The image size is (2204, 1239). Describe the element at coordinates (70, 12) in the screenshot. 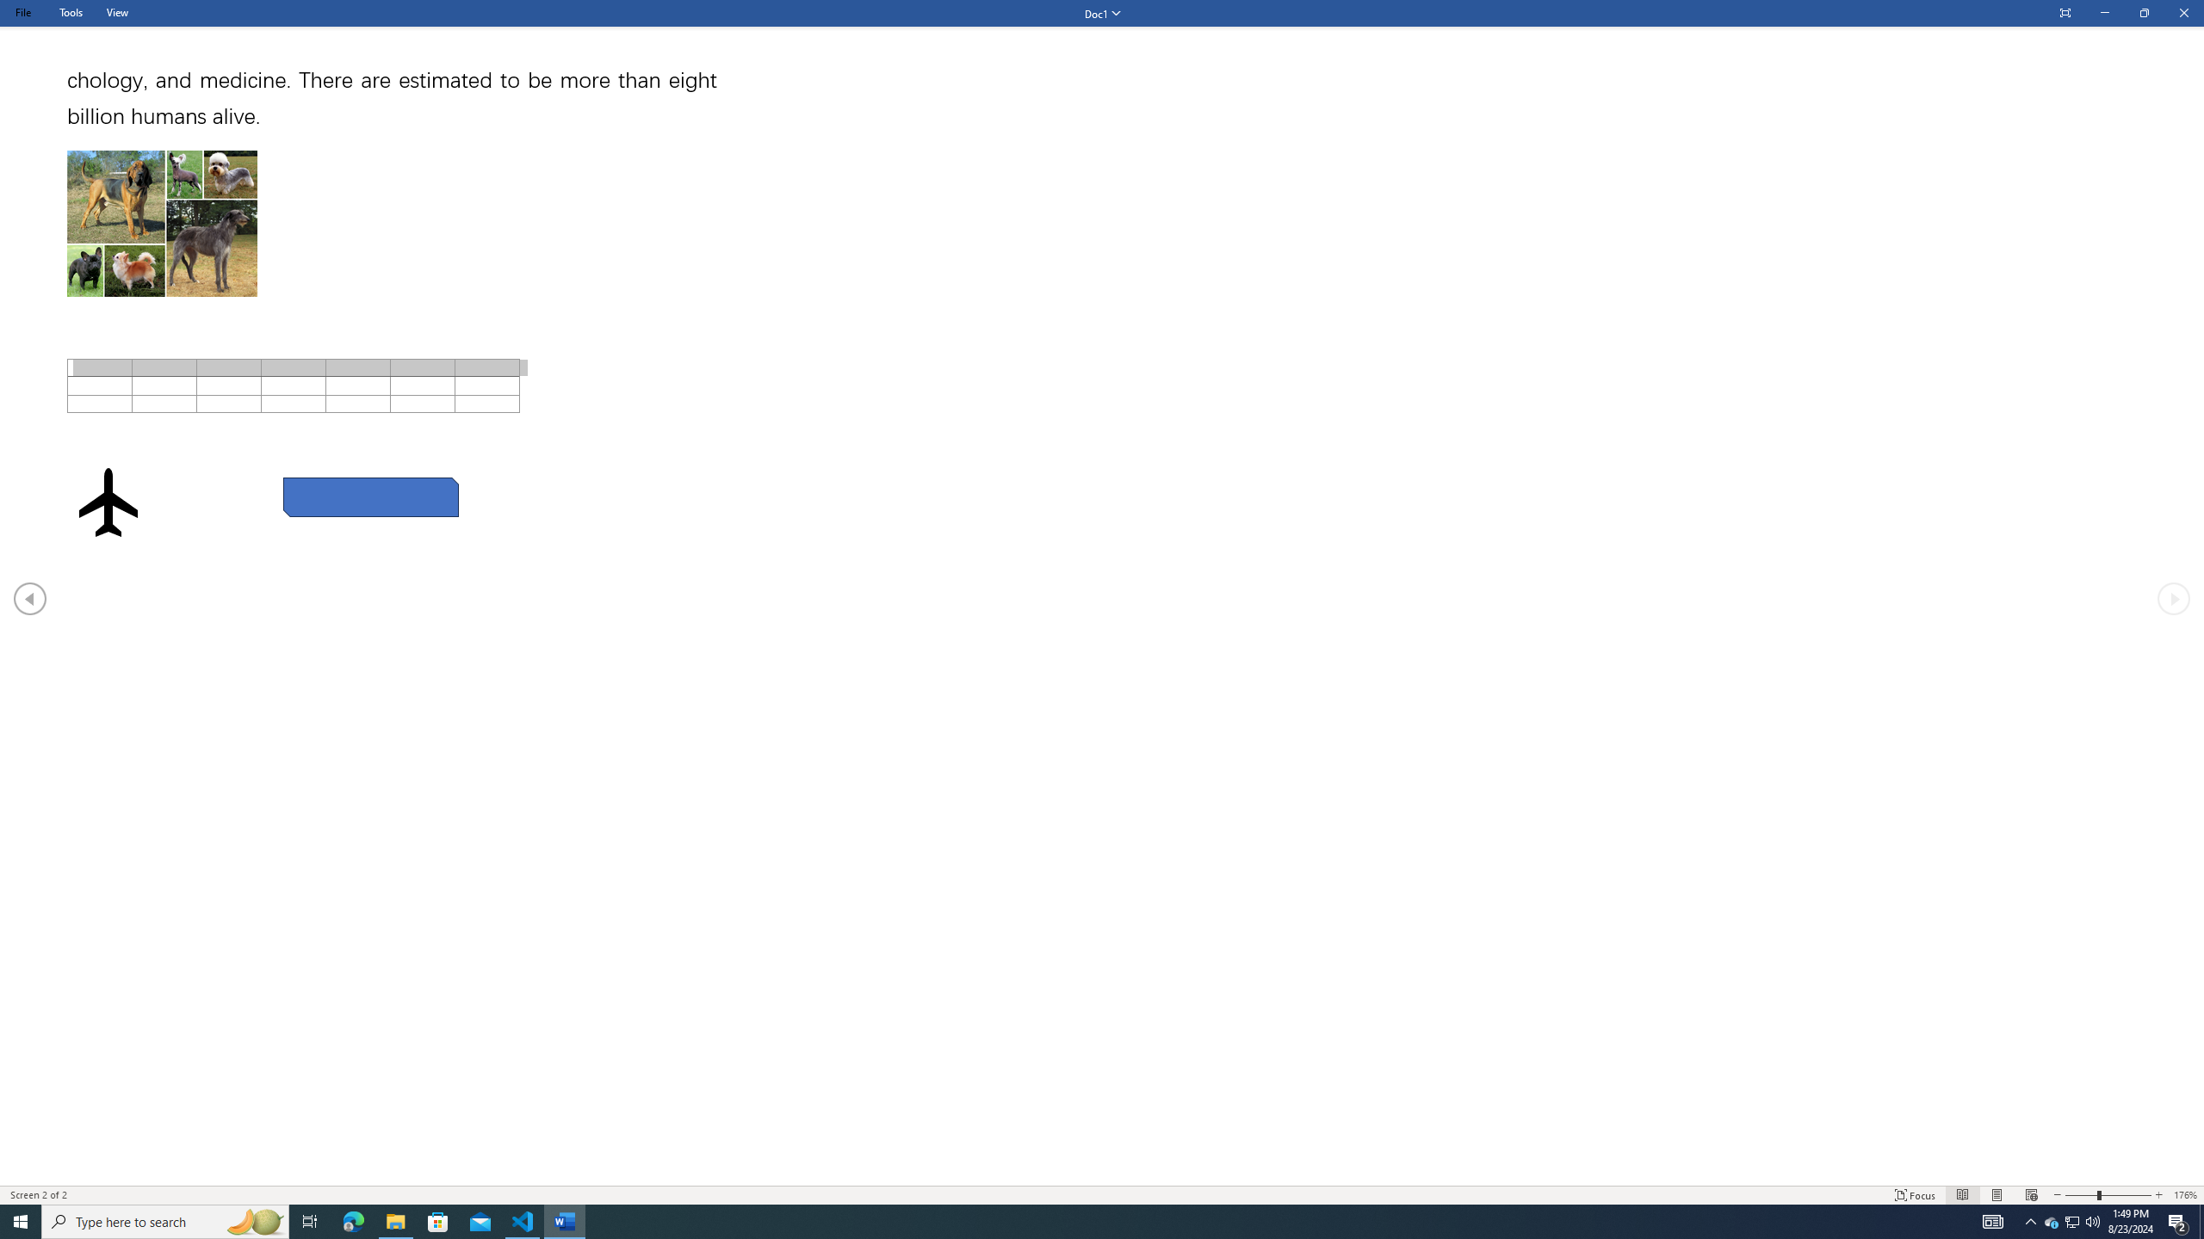

I see `'Tools'` at that location.